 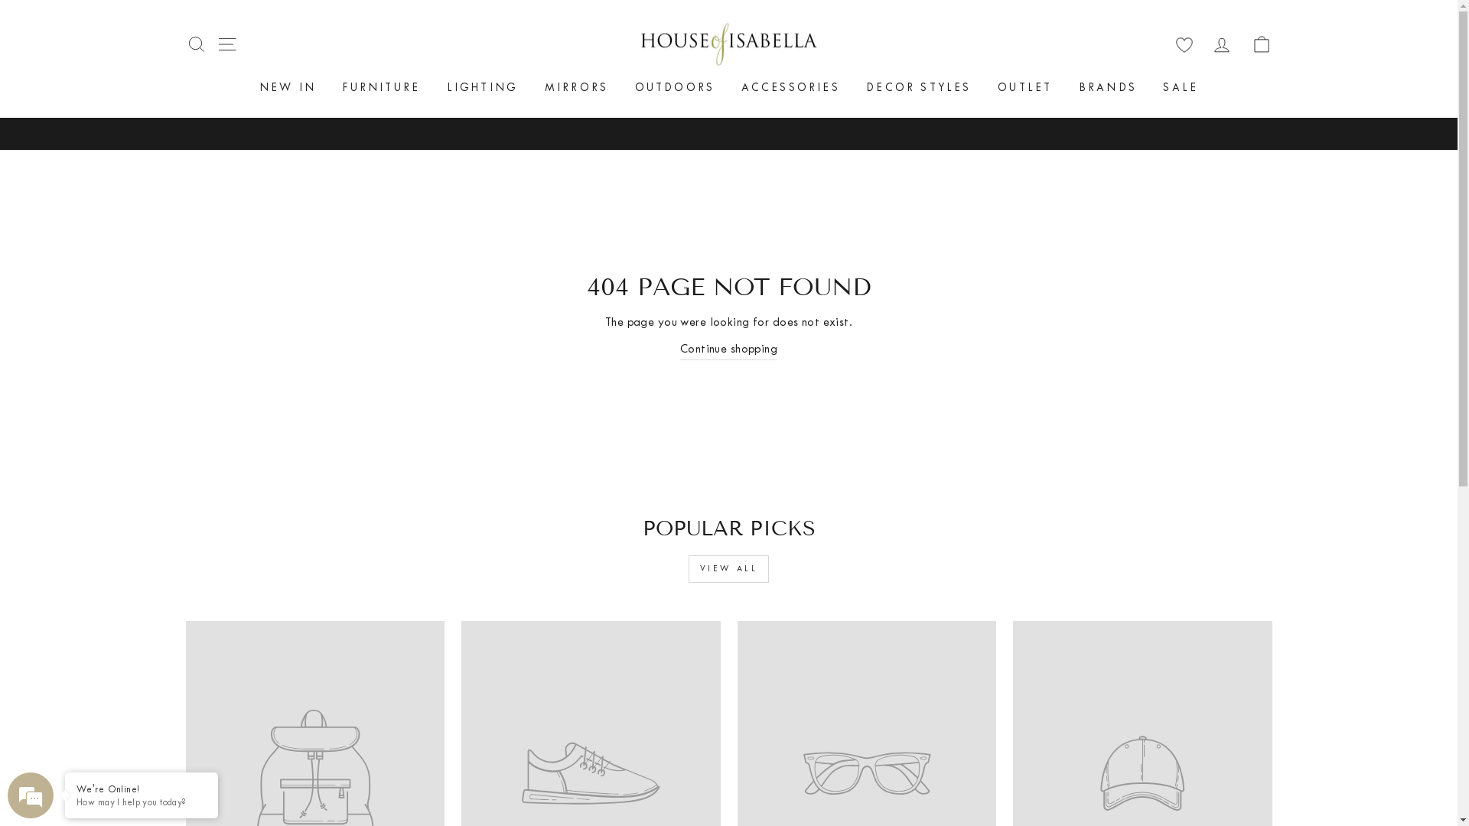 What do you see at coordinates (1182, 43) in the screenshot?
I see `'wishlist'` at bounding box center [1182, 43].